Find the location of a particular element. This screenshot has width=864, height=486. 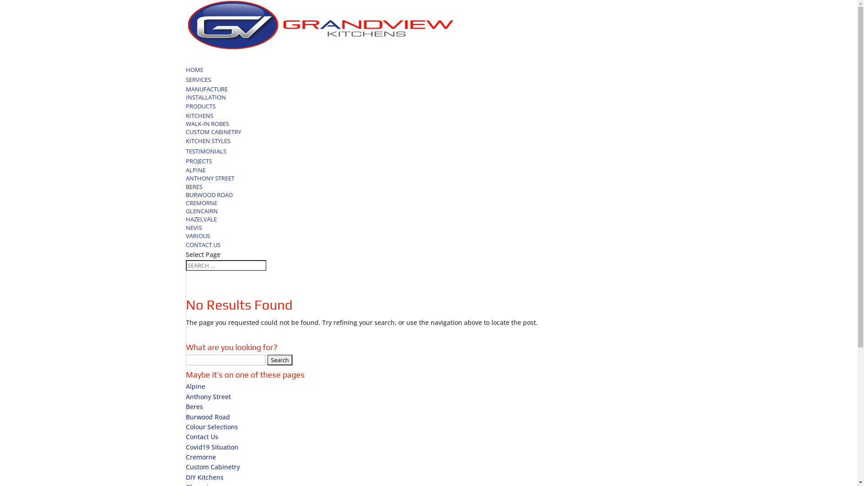

'Covid19 Situation' is located at coordinates (211, 447).